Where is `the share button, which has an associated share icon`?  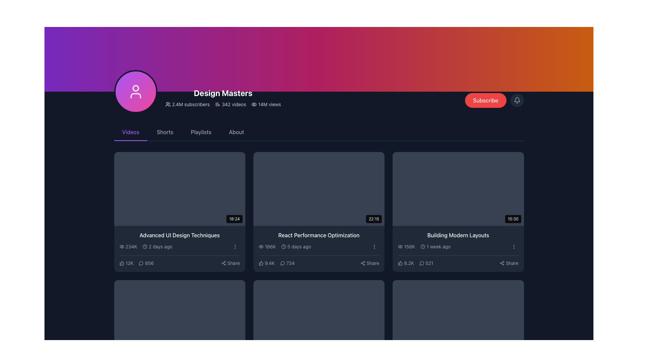 the share button, which has an associated share icon is located at coordinates (230, 263).